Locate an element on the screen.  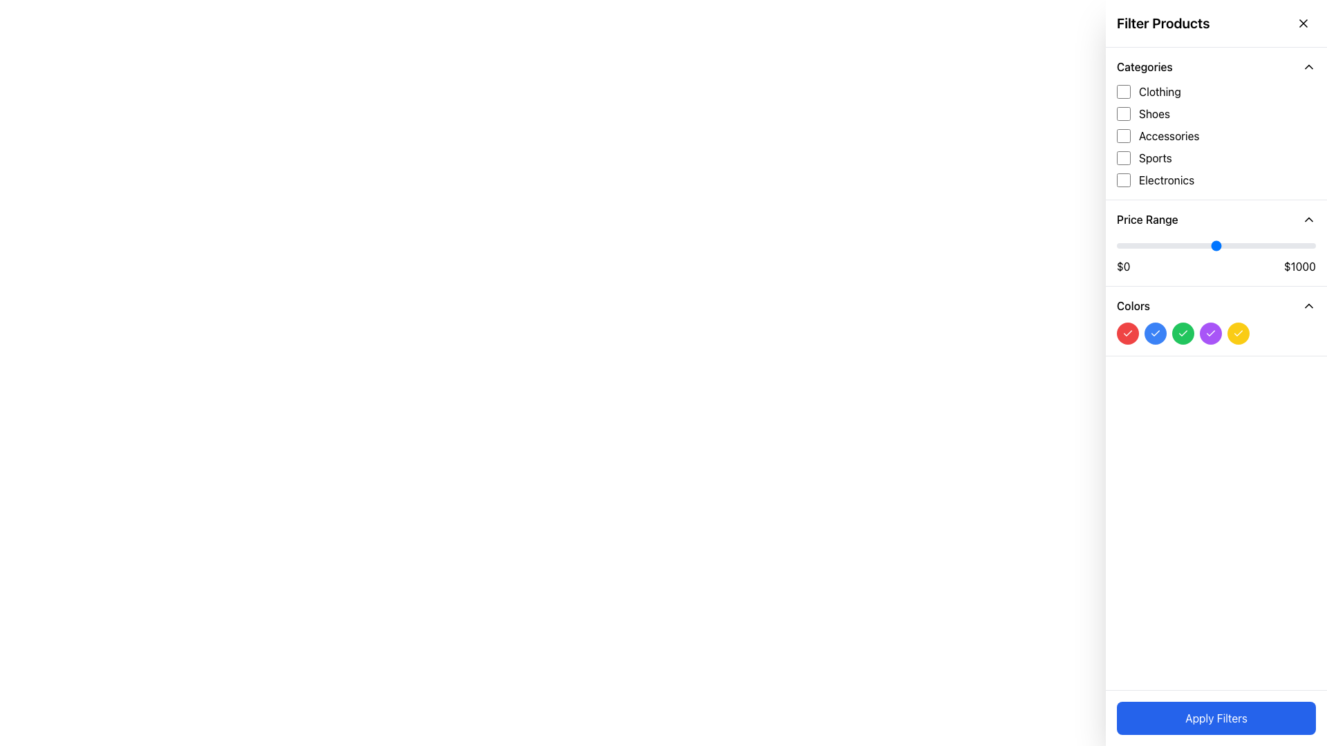
the 'Electronics' category label, which is positioned to the right of the checkbox in the fifth row of the 'Categories' section in the filter menu is located at coordinates (1166, 180).